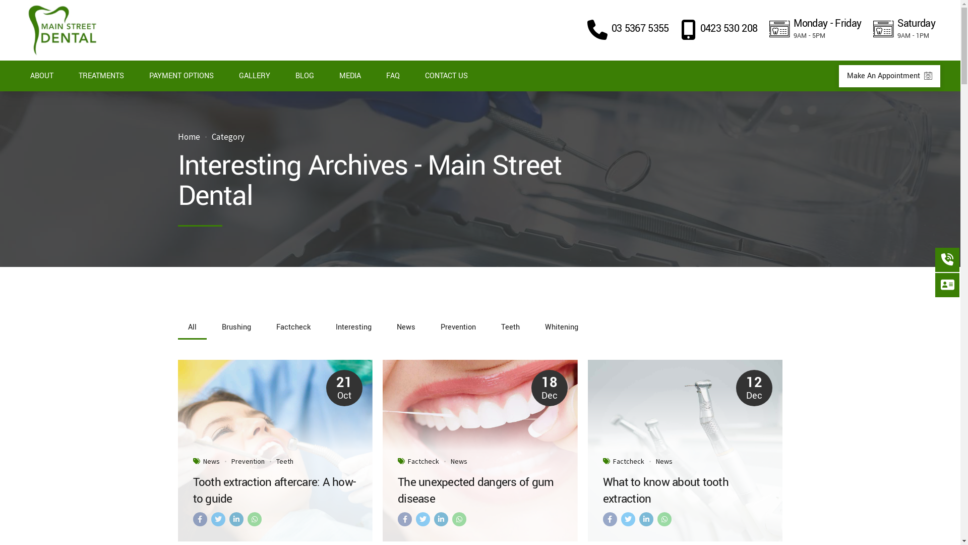 This screenshot has height=545, width=968. What do you see at coordinates (177, 137) in the screenshot?
I see `'Home'` at bounding box center [177, 137].